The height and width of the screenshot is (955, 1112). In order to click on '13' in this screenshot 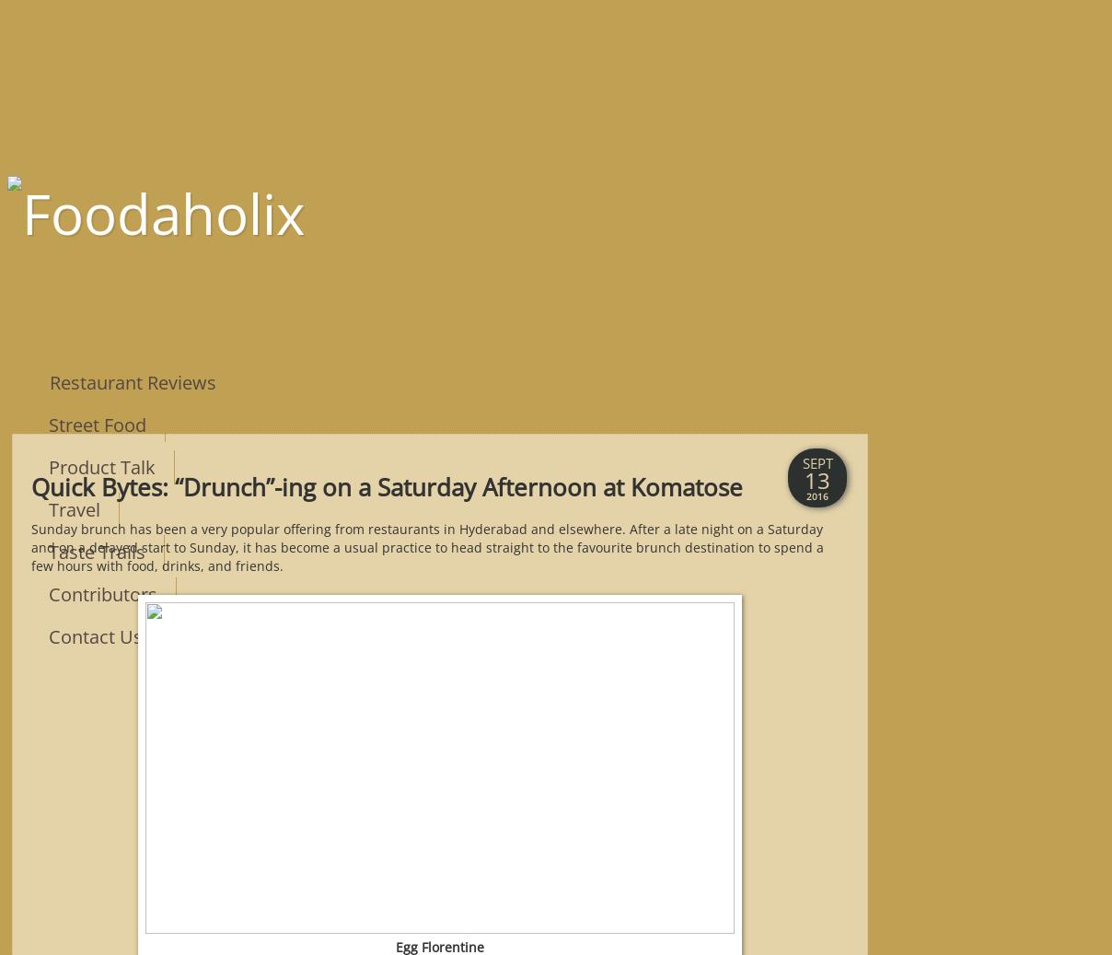, I will do `click(817, 480)`.